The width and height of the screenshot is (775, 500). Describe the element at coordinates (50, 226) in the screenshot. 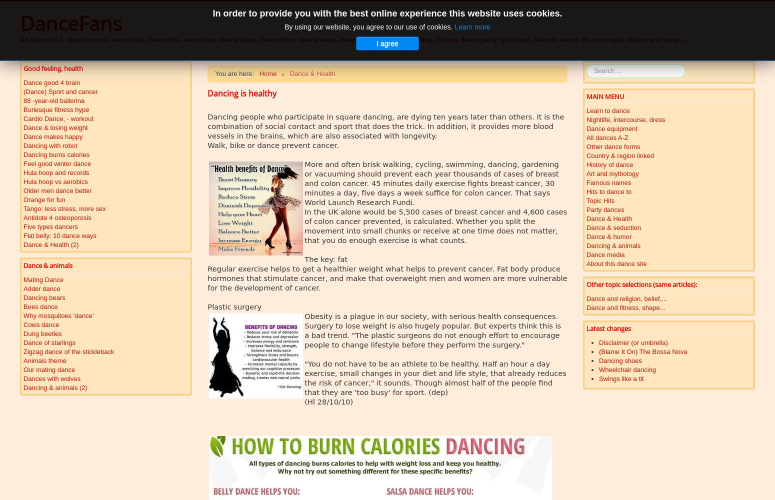

I see `'Five types dancers'` at that location.